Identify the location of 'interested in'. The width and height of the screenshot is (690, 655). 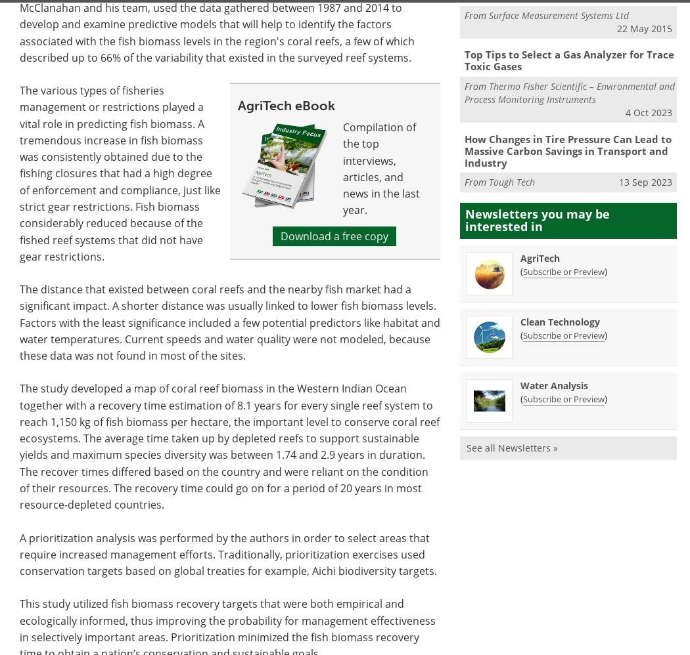
(504, 226).